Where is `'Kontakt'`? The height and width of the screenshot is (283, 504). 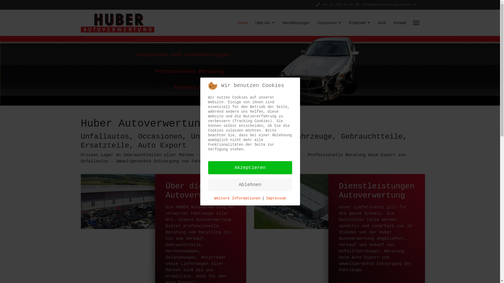
'Kontakt' is located at coordinates (398, 23).